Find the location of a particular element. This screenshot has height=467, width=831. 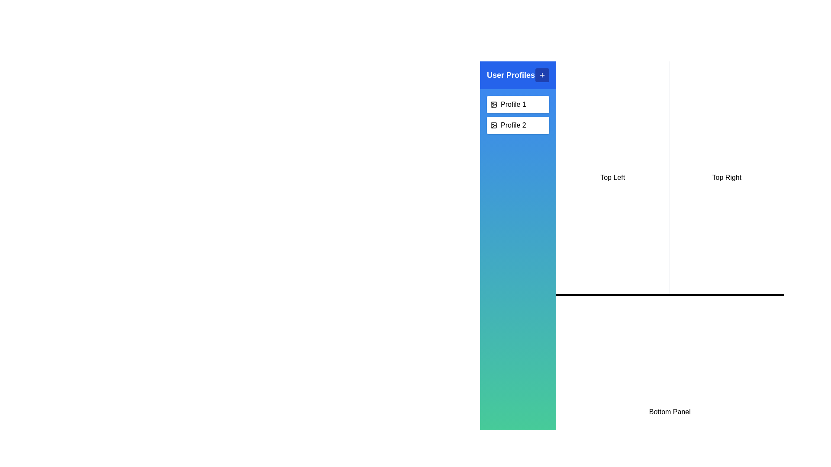

the visual separator element, which is a thin, horizontal black line separating the 'Top Right' and 'Bottom Panel' areas is located at coordinates (669, 294).